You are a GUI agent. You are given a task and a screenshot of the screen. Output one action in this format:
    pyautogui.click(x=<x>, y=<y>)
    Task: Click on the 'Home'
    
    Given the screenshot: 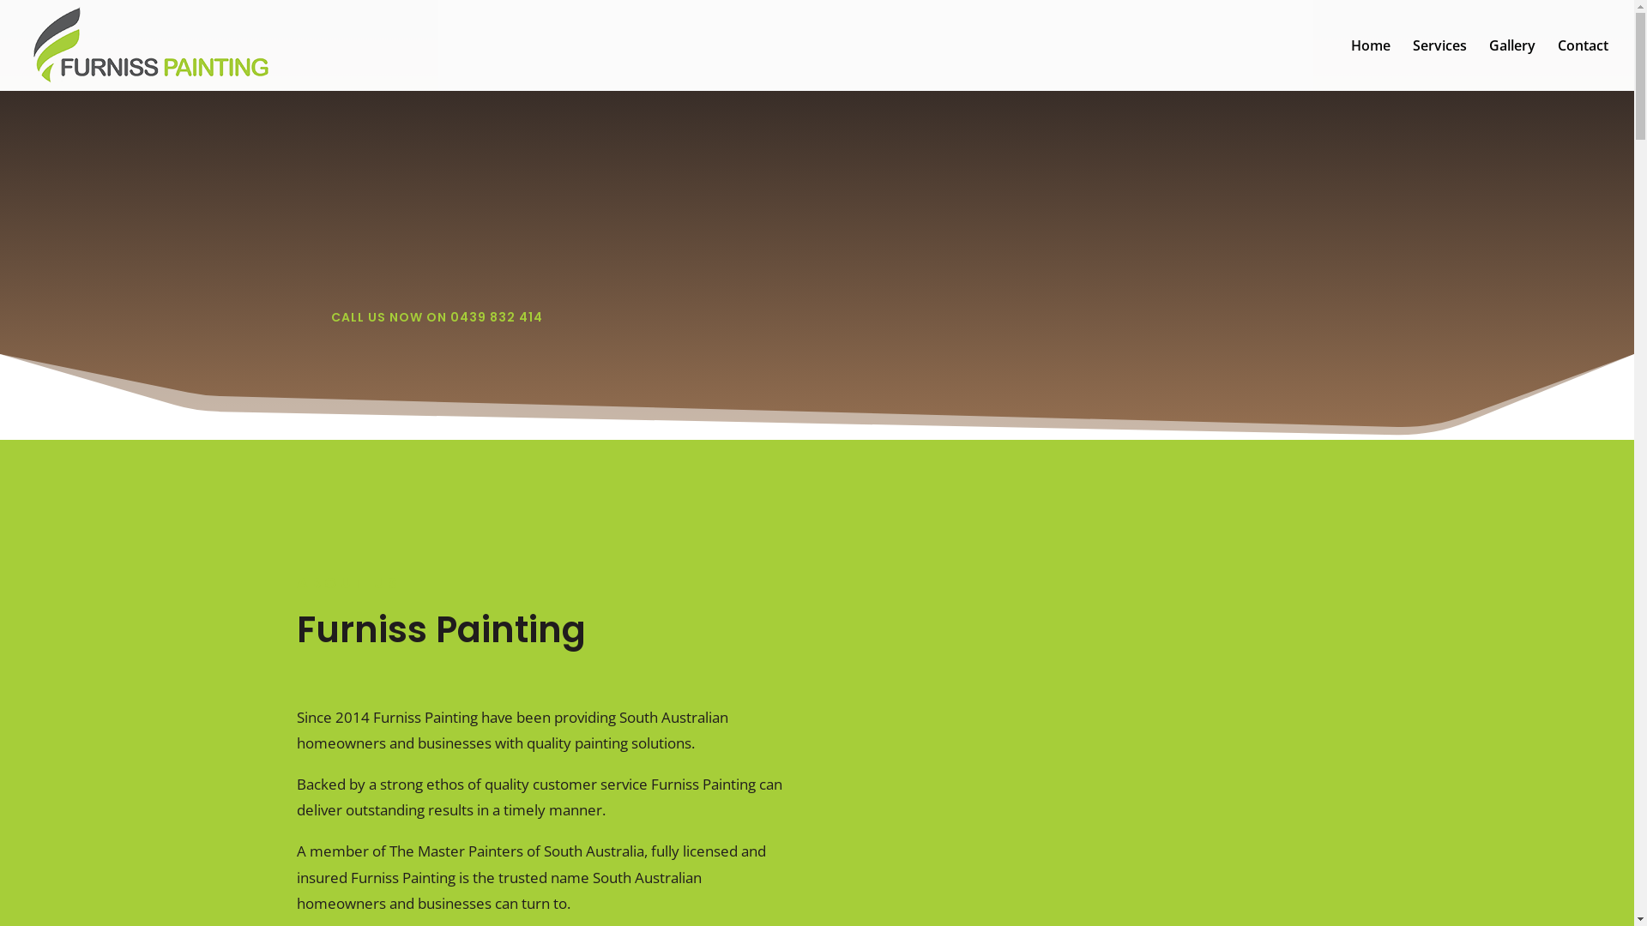 What is the action you would take?
    pyautogui.click(x=1370, y=64)
    